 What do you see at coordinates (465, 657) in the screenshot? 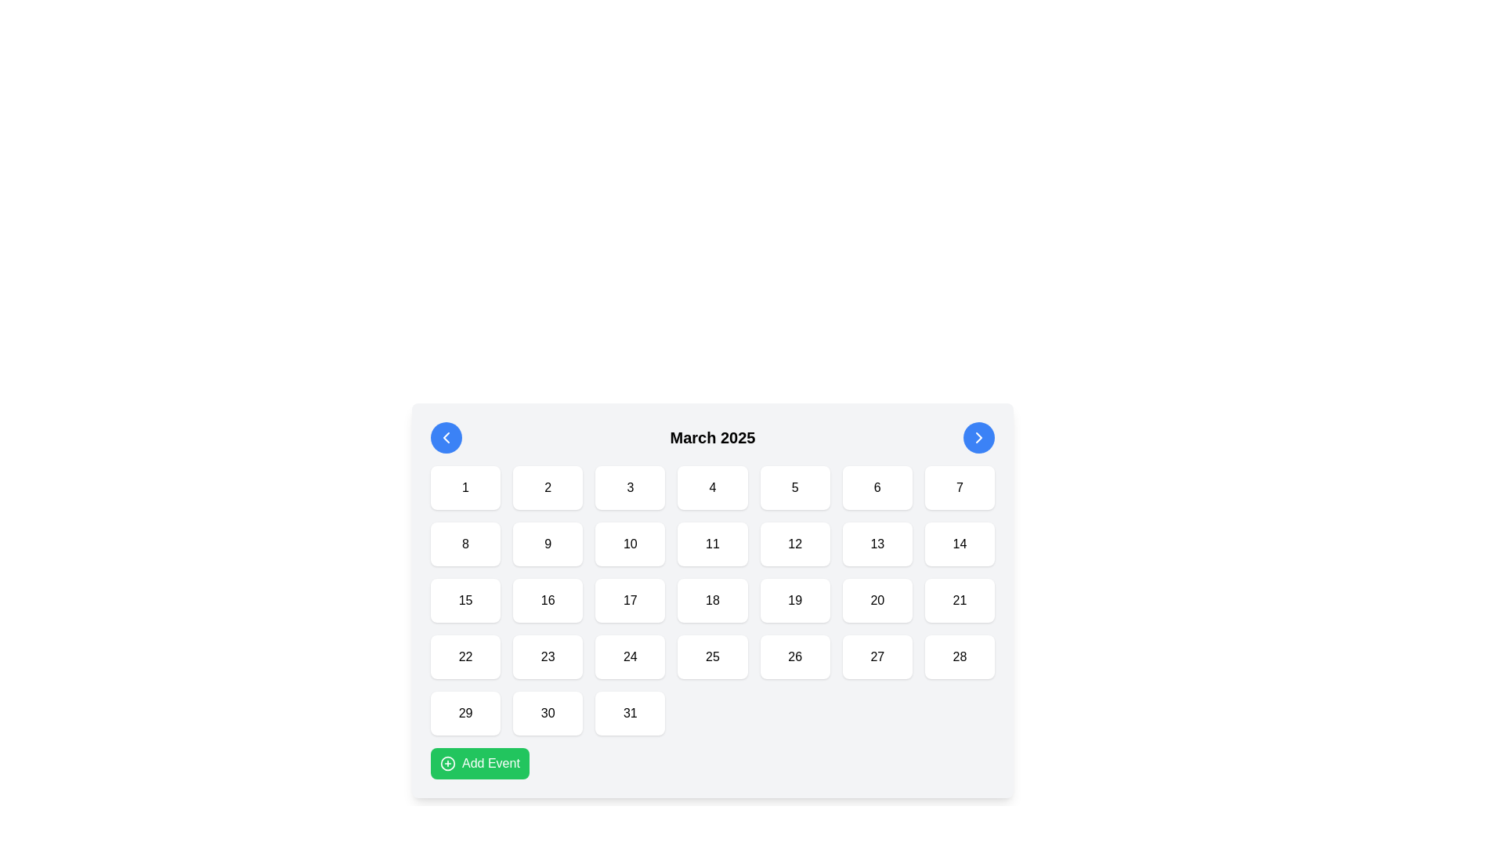
I see `the grid cell displaying the number '22' located in the fourth row and first column of the grid` at bounding box center [465, 657].